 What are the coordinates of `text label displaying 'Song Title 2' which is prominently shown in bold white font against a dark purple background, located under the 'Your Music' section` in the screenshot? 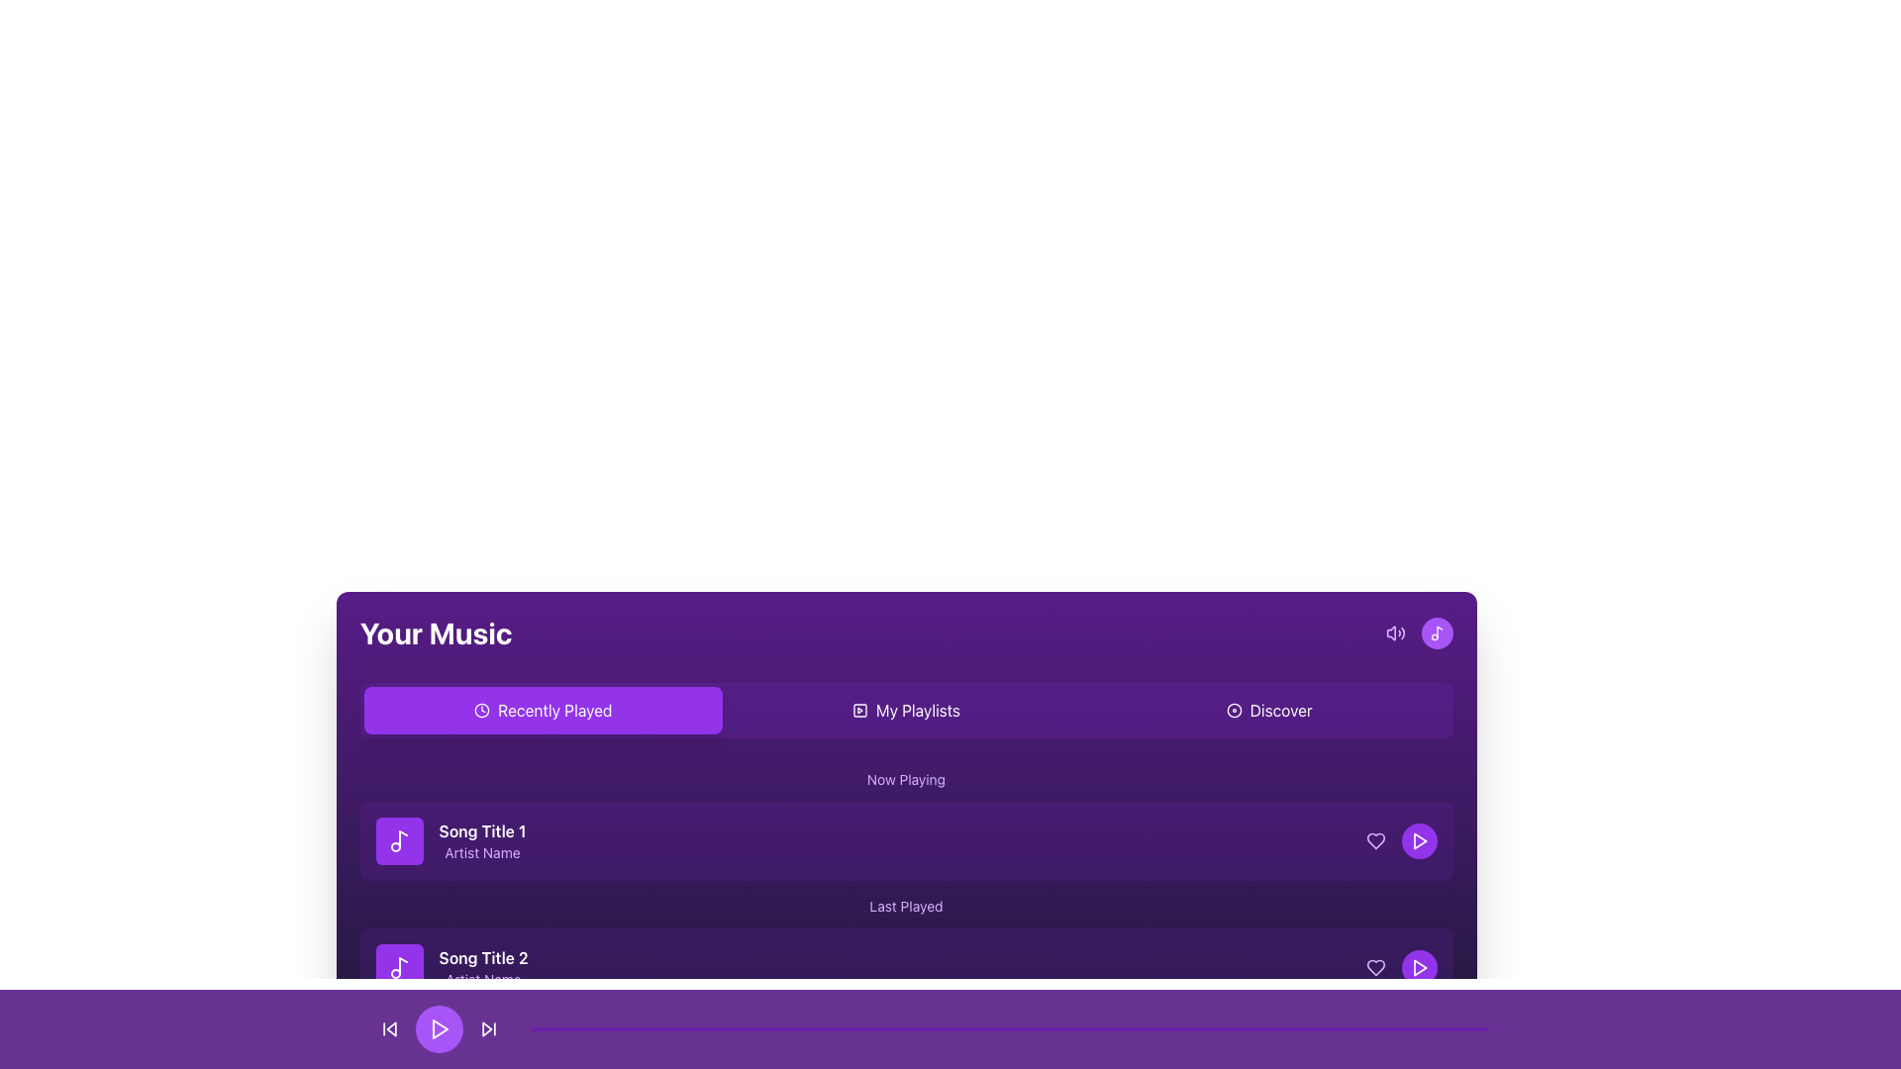 It's located at (483, 957).